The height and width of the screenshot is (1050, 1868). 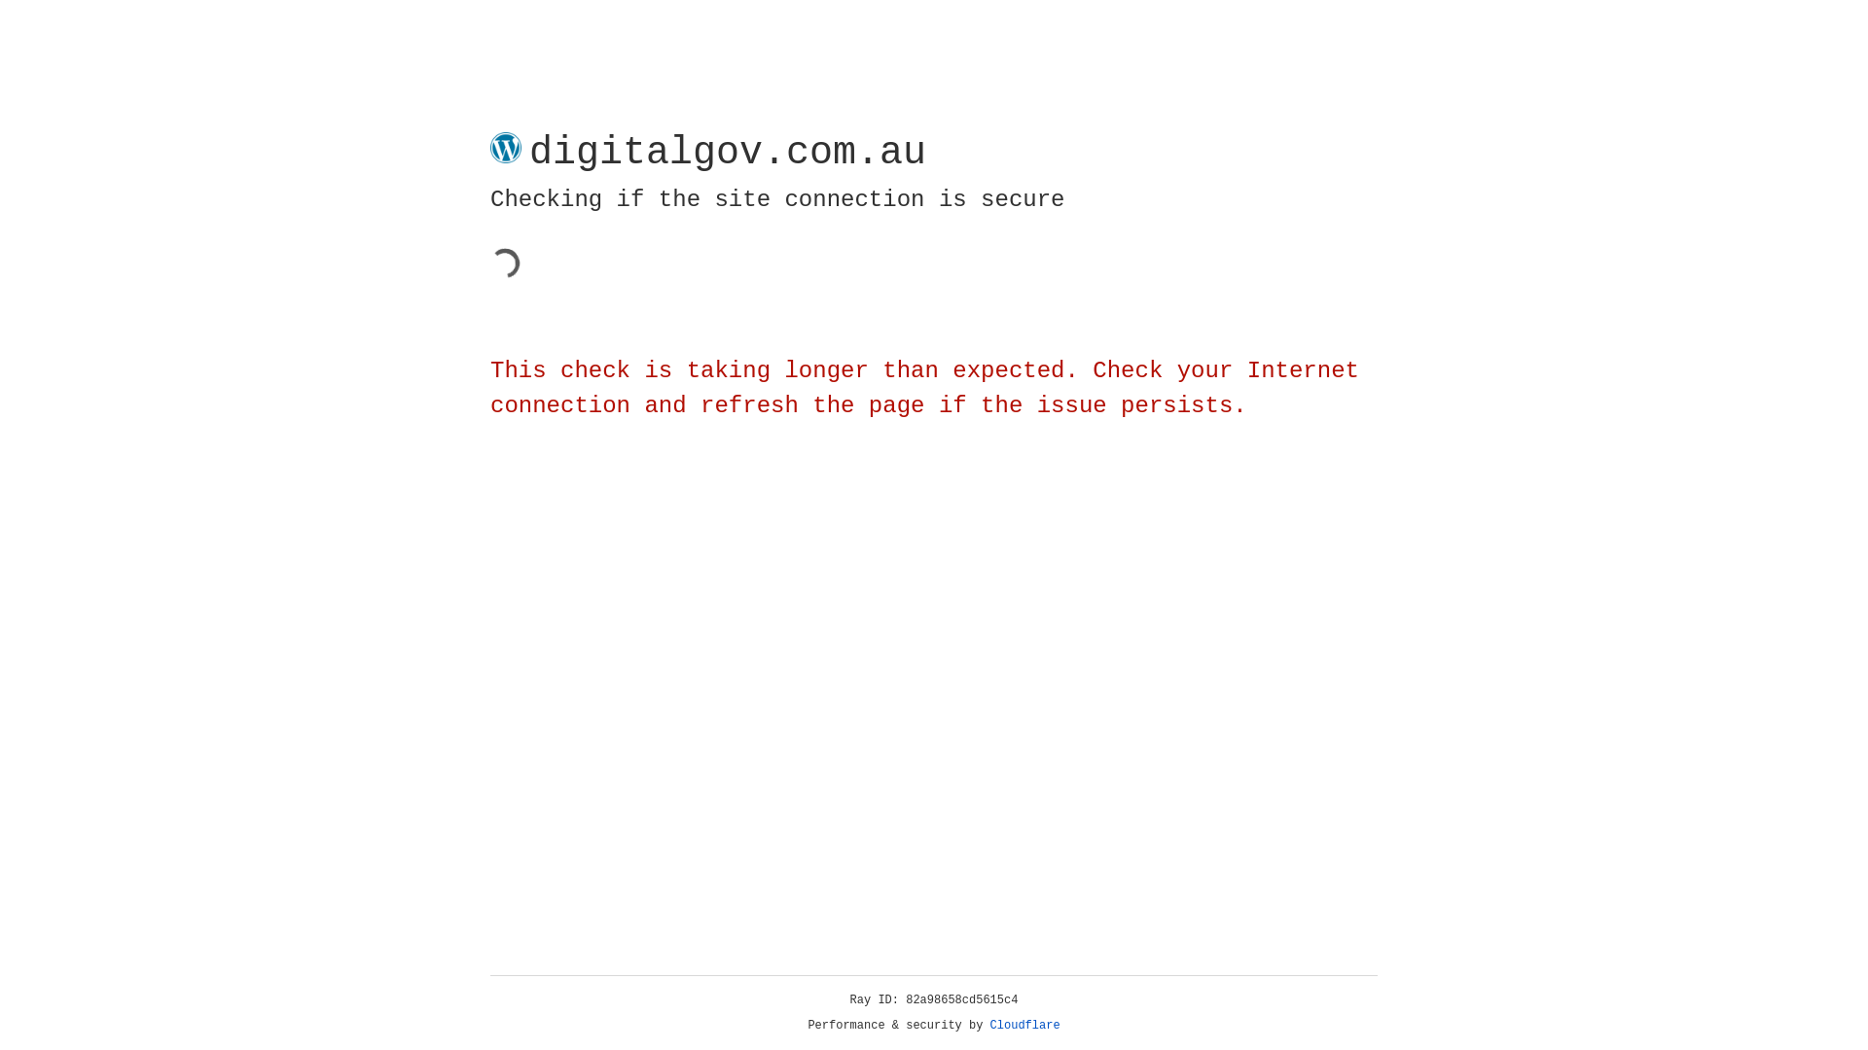 What do you see at coordinates (1024, 1025) in the screenshot?
I see `'Cloudflare'` at bounding box center [1024, 1025].